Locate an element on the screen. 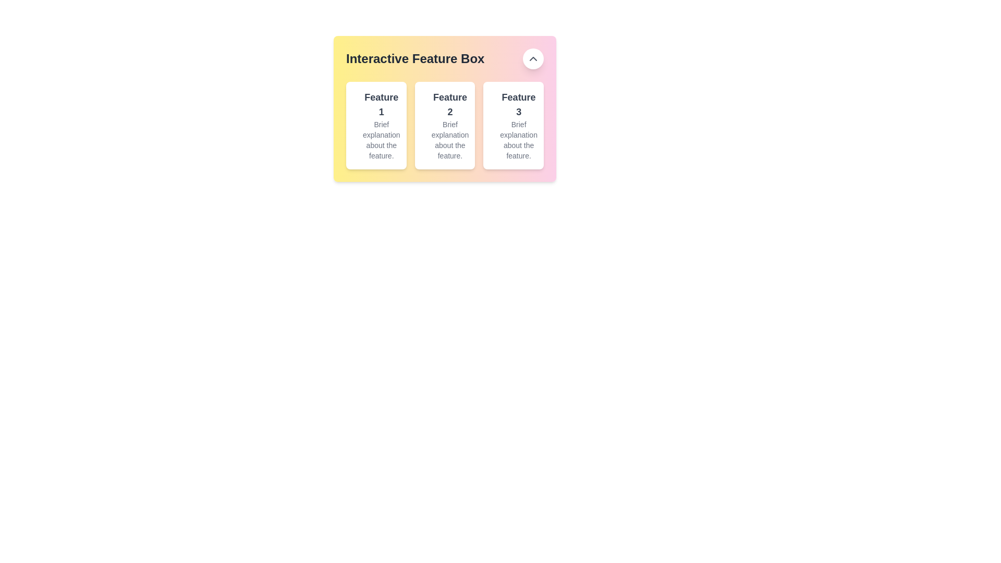 This screenshot has width=1001, height=563. the decorative circle element located within the first feature card under the title 'Interactive Feature Box' is located at coordinates (360, 120).